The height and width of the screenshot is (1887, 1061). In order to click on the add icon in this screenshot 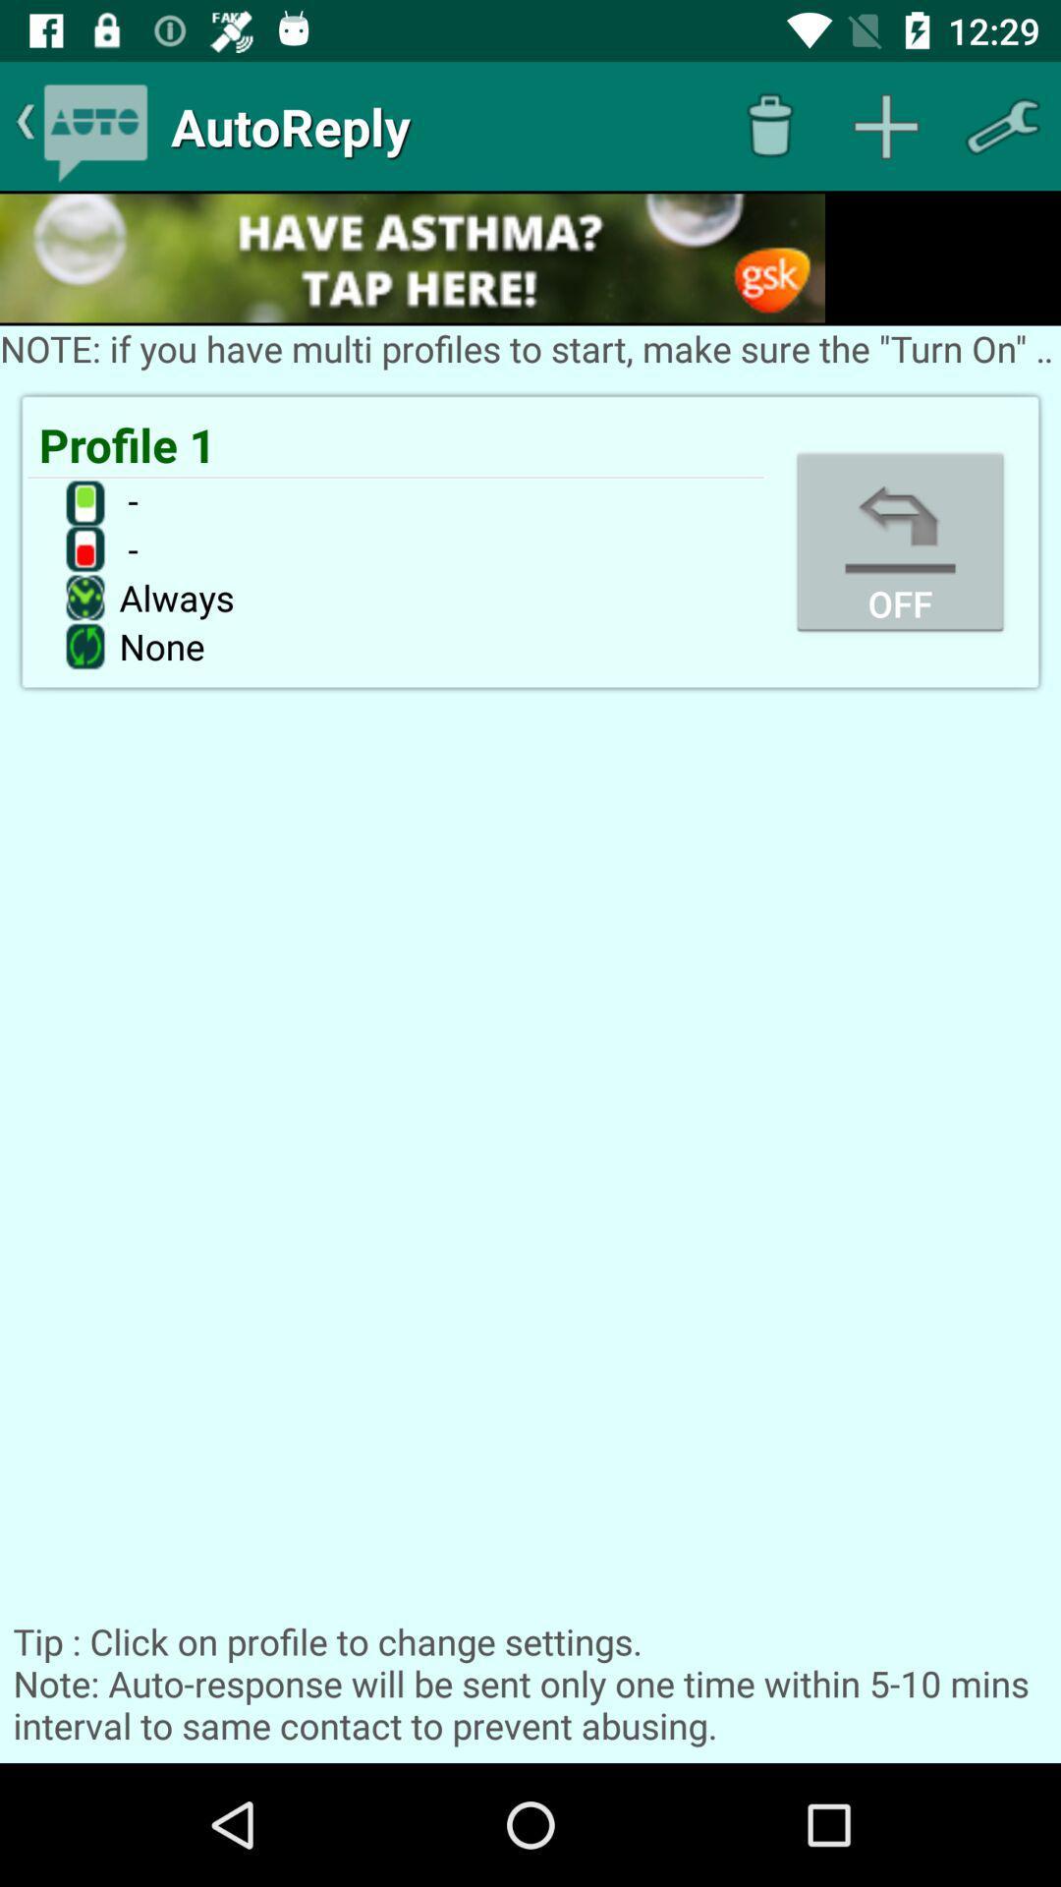, I will do `click(886, 125)`.